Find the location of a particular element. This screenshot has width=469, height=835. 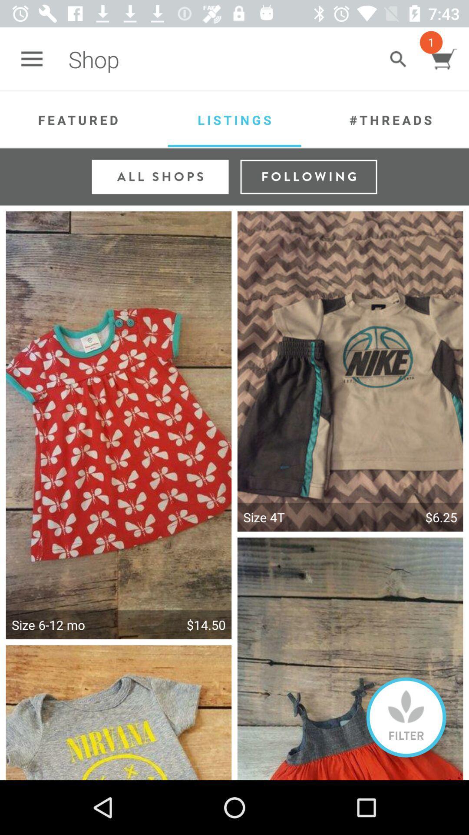

allows the user to search is located at coordinates (398, 59).